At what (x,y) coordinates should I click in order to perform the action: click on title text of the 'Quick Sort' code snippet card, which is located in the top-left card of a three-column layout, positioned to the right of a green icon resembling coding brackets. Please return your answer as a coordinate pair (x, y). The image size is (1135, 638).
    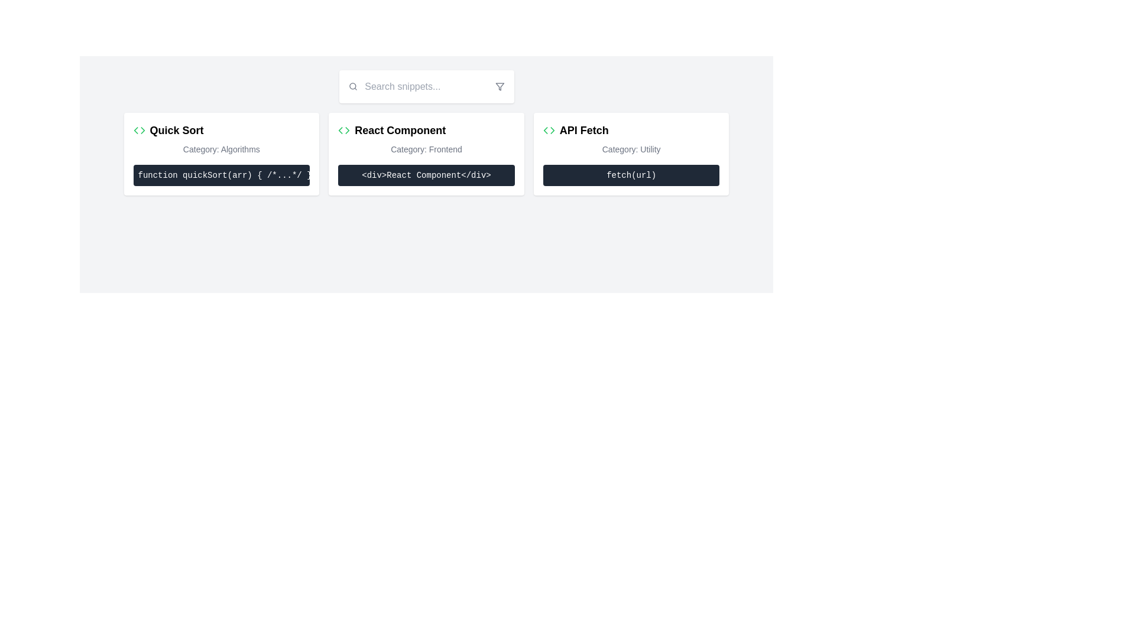
    Looking at the image, I should click on (176, 130).